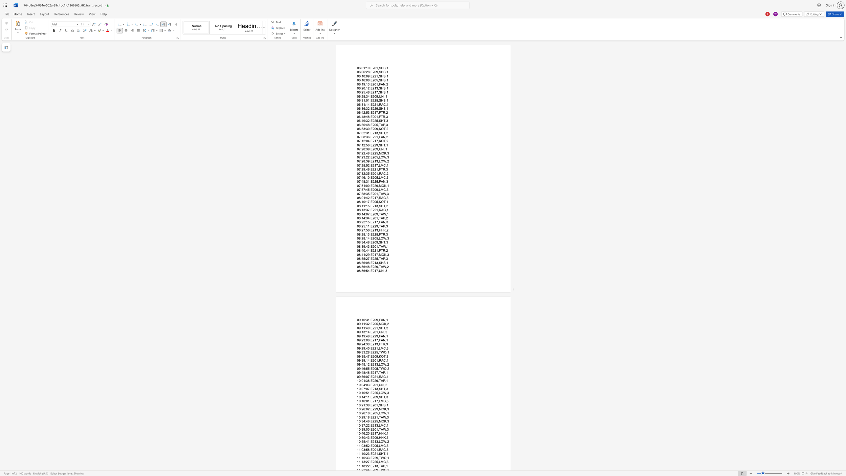 The height and width of the screenshot is (476, 846). I want to click on the space between the continuous character "S" and "H" in the text, so click(381, 263).